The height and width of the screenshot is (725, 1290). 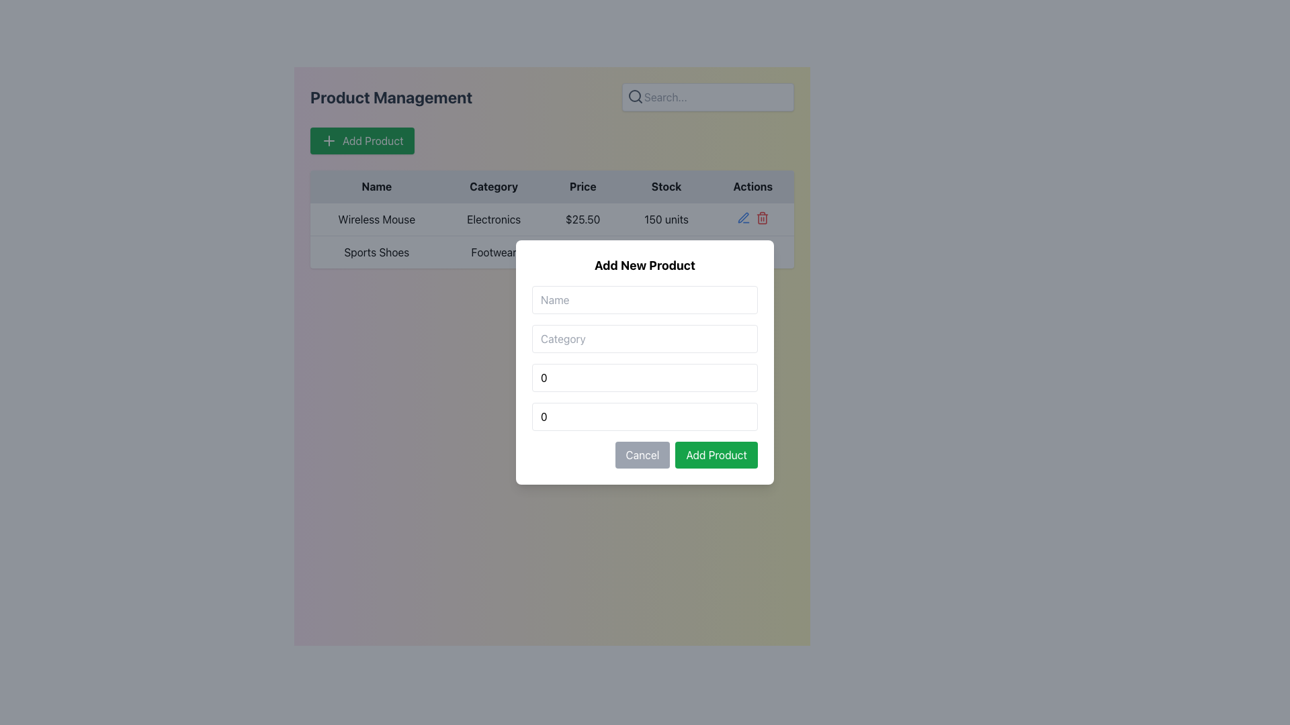 What do you see at coordinates (493, 187) in the screenshot?
I see `the Table Header Label in the second column, which provides context for the items listed in the table, located between the 'Name' and 'Price' columns` at bounding box center [493, 187].